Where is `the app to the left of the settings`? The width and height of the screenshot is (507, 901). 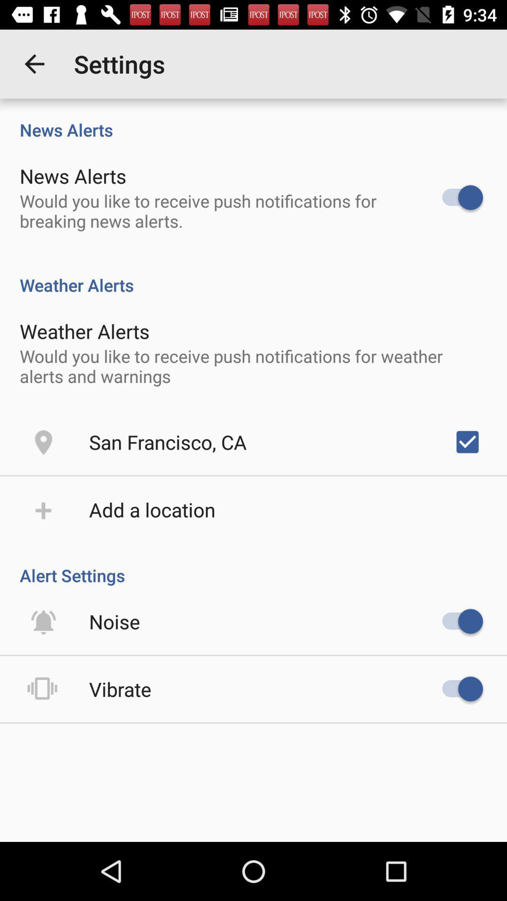
the app to the left of the settings is located at coordinates (34, 63).